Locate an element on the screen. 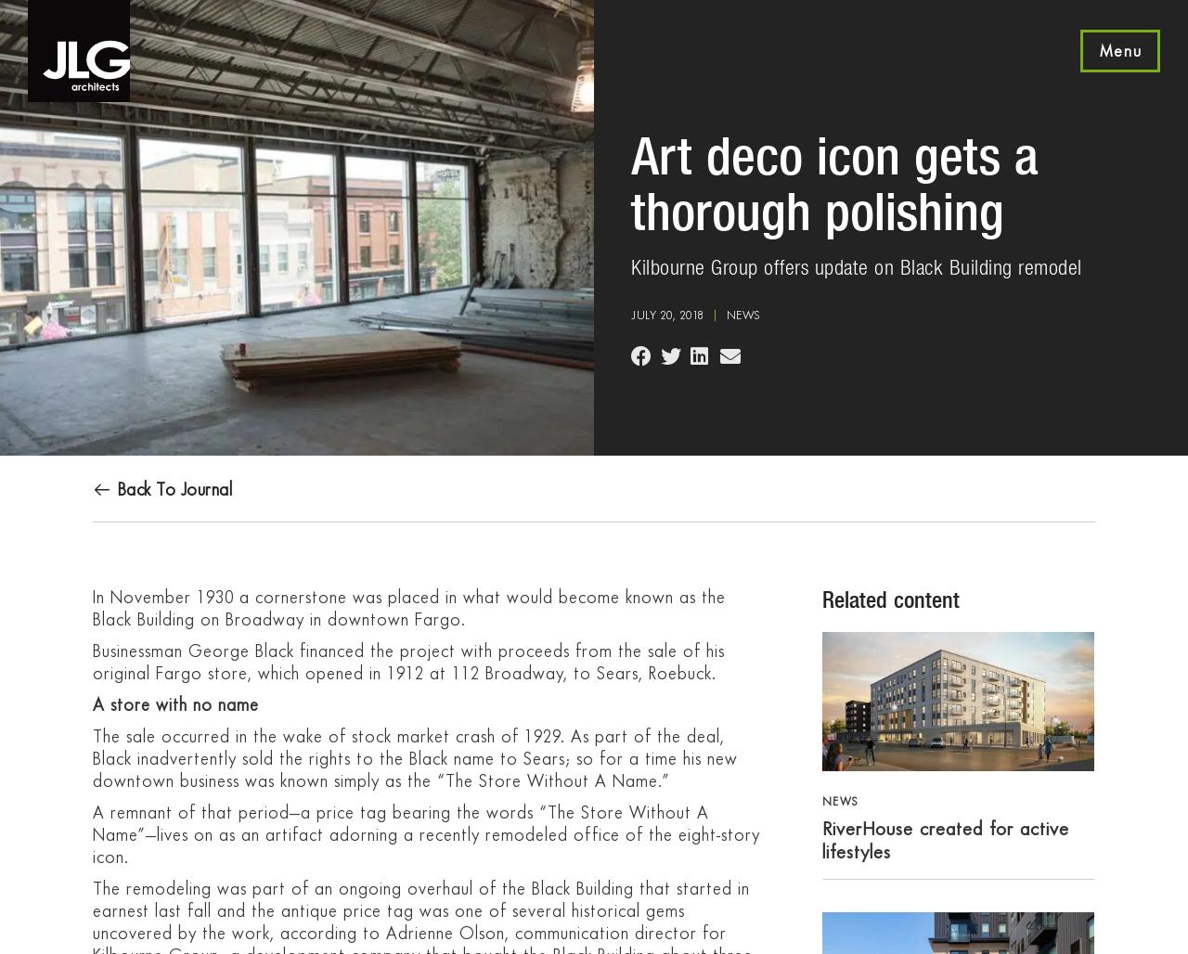  'Related content' is located at coordinates (888, 599).